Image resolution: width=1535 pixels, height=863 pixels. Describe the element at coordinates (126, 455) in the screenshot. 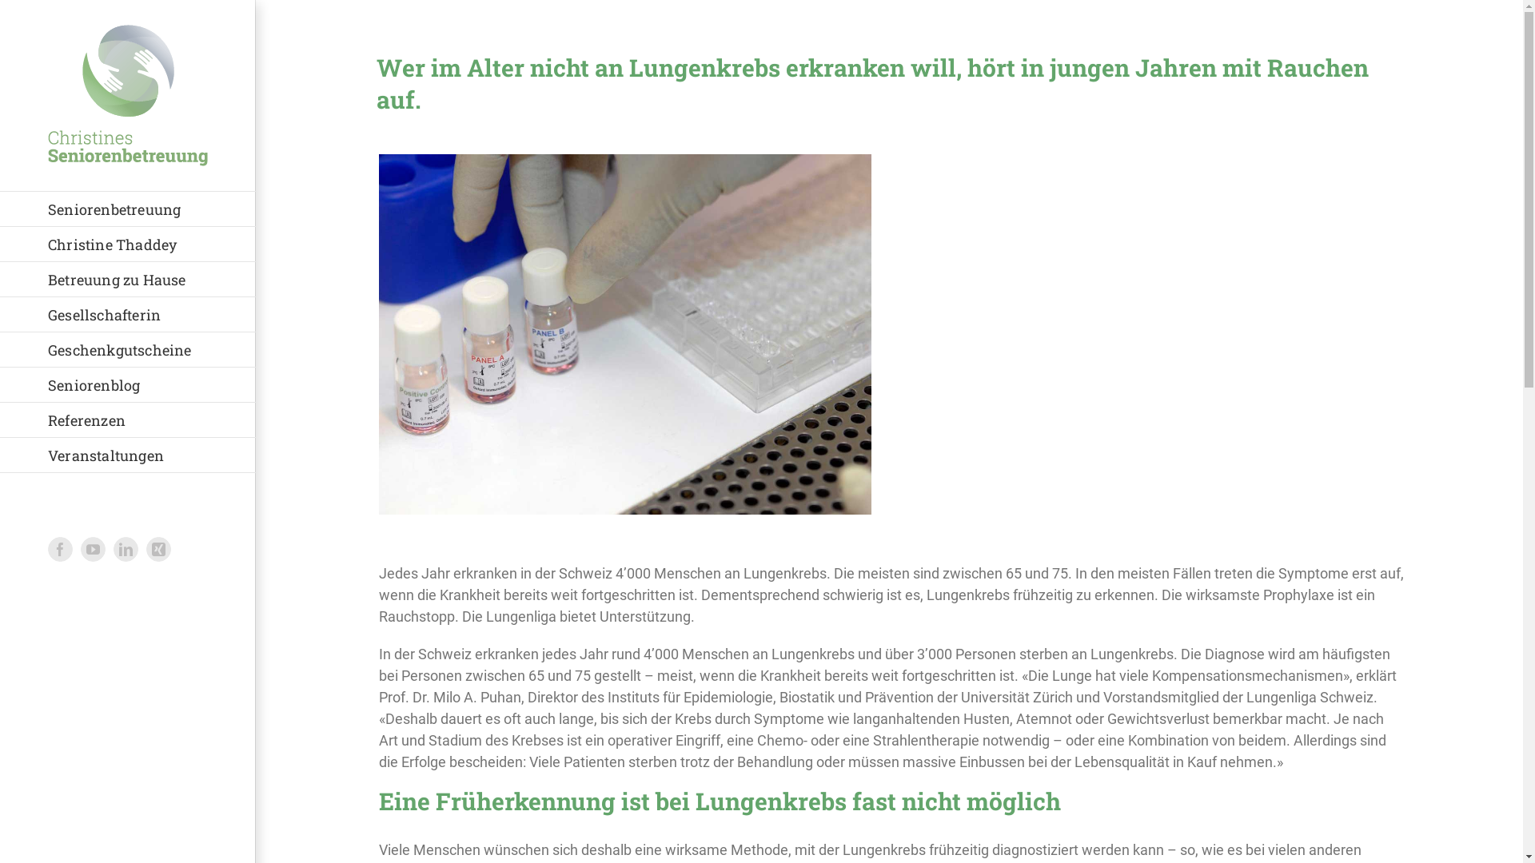

I see `'Veranstaltungen'` at that location.